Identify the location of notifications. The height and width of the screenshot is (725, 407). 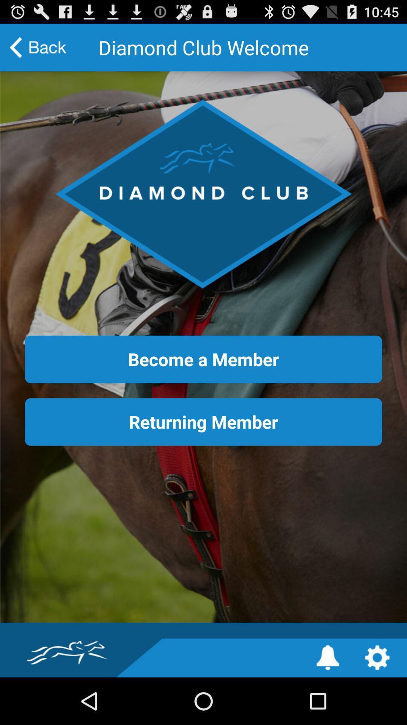
(327, 657).